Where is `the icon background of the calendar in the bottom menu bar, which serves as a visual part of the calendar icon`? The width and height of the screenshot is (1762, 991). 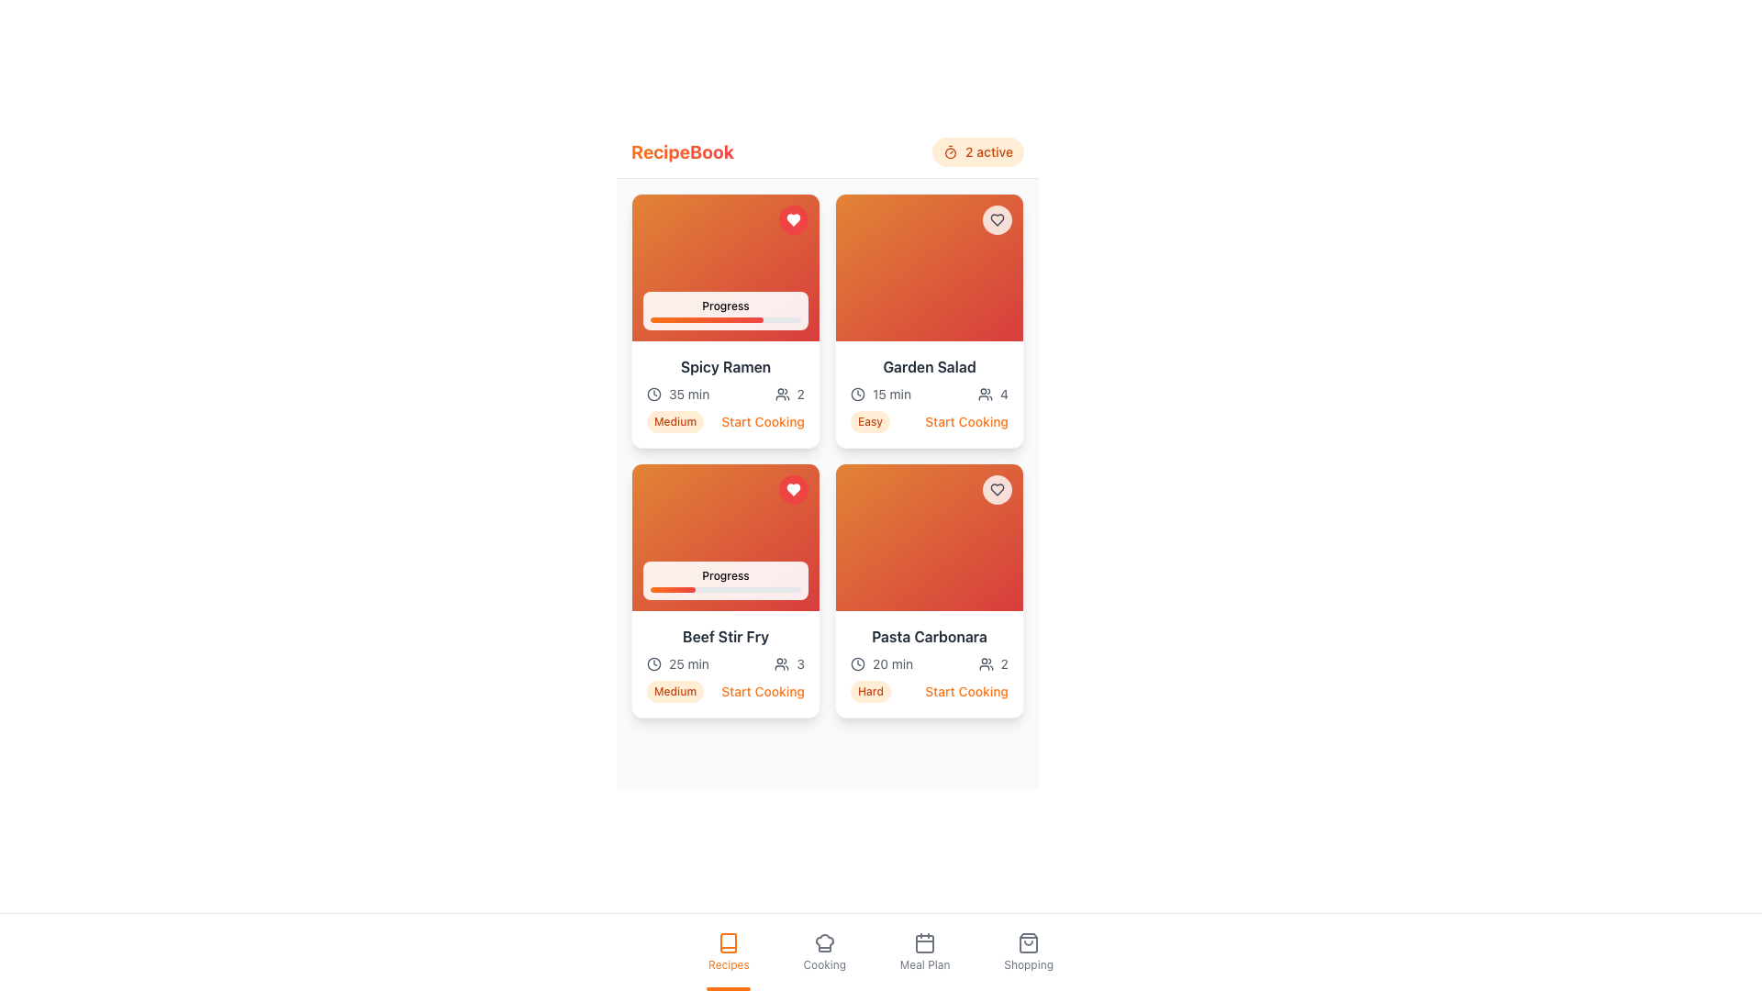 the icon background of the calendar in the bottom menu bar, which serves as a visual part of the calendar icon is located at coordinates (925, 944).